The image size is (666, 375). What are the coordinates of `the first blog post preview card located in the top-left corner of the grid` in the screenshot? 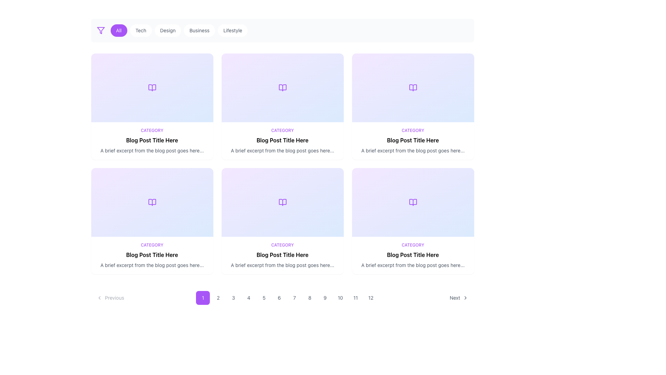 It's located at (152, 107).